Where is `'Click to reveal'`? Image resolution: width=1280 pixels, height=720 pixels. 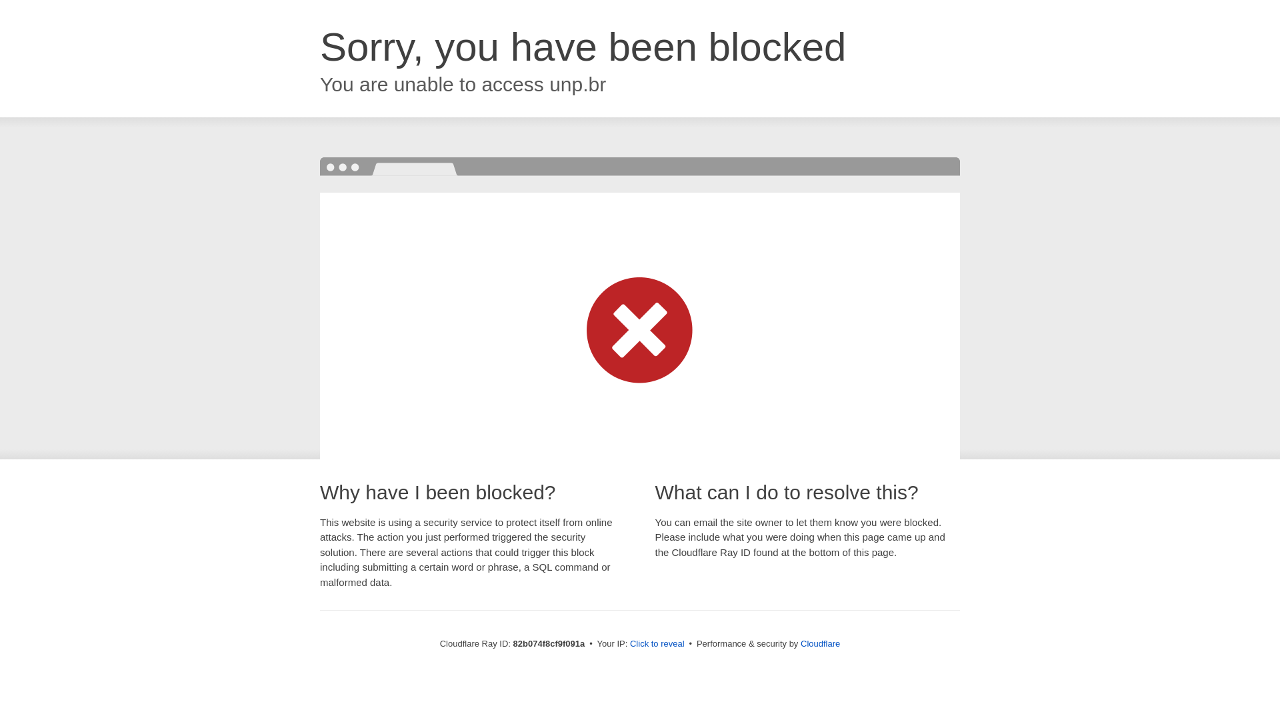
'Click to reveal' is located at coordinates (629, 643).